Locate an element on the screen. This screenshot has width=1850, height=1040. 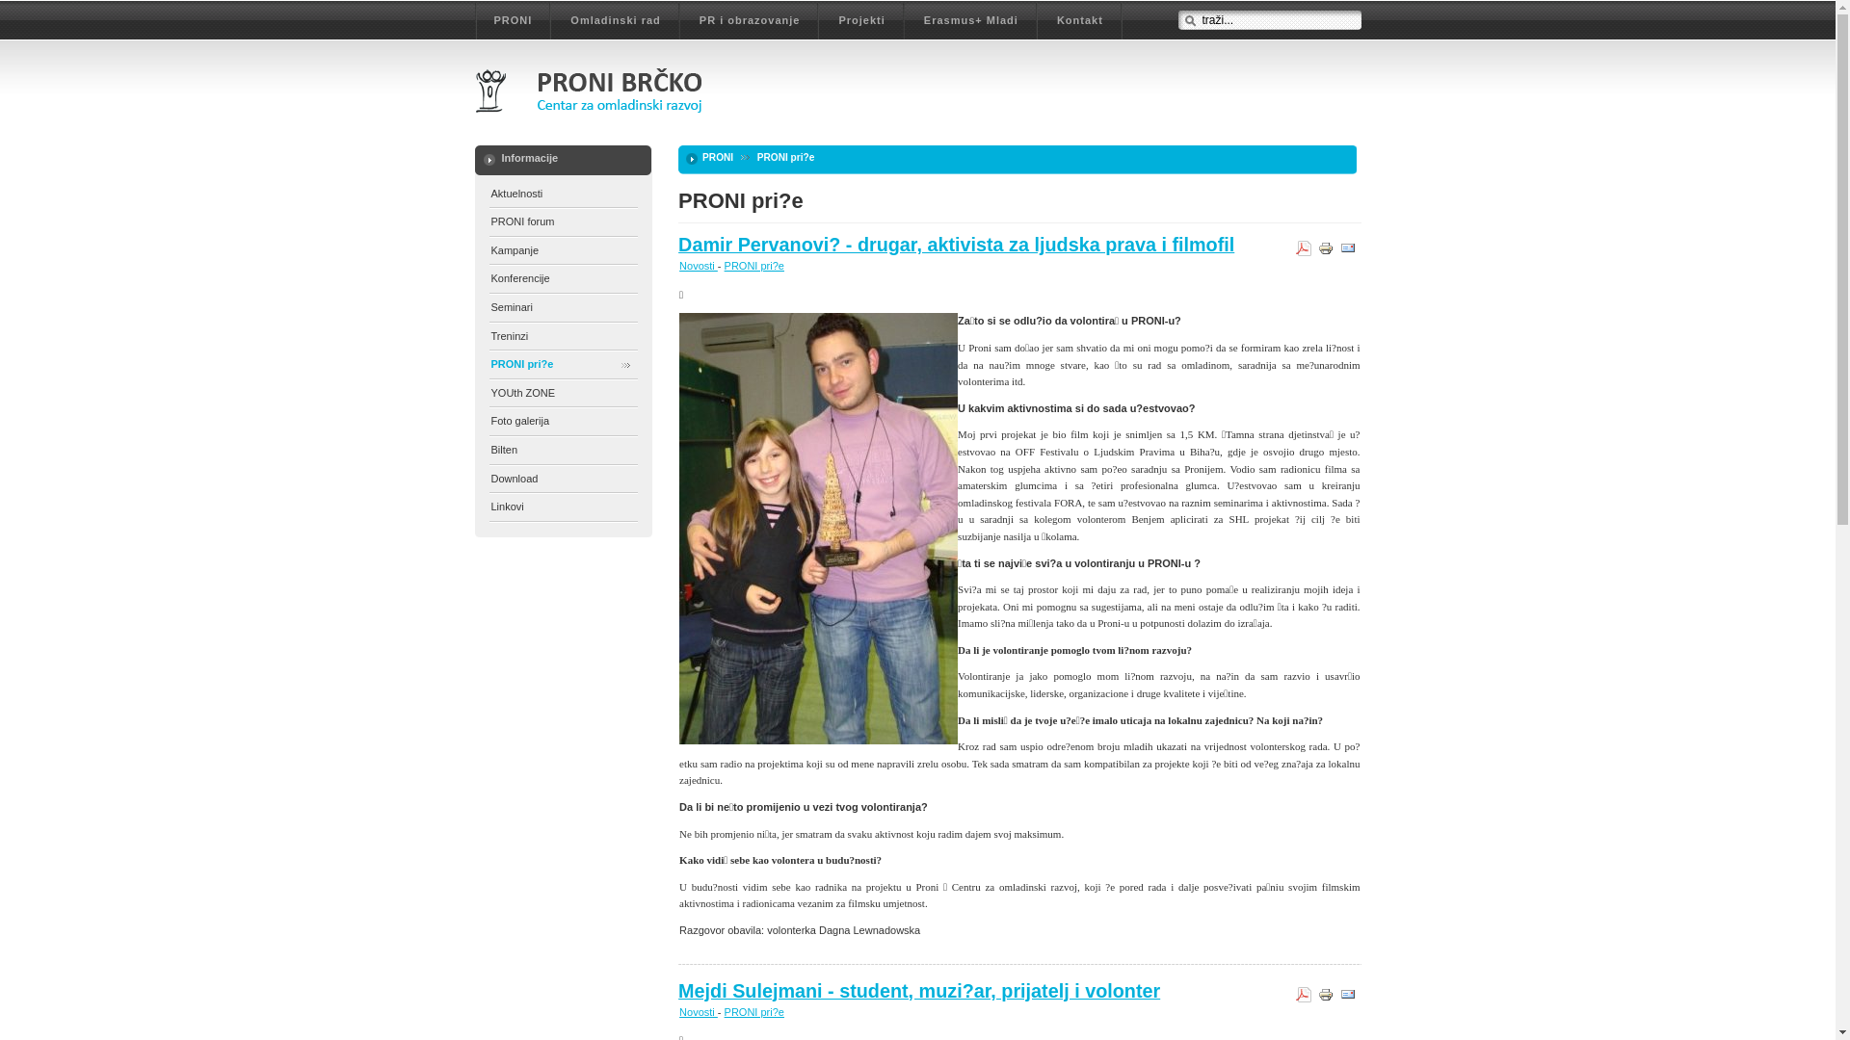
'Aktuelnosti' is located at coordinates (563, 195).